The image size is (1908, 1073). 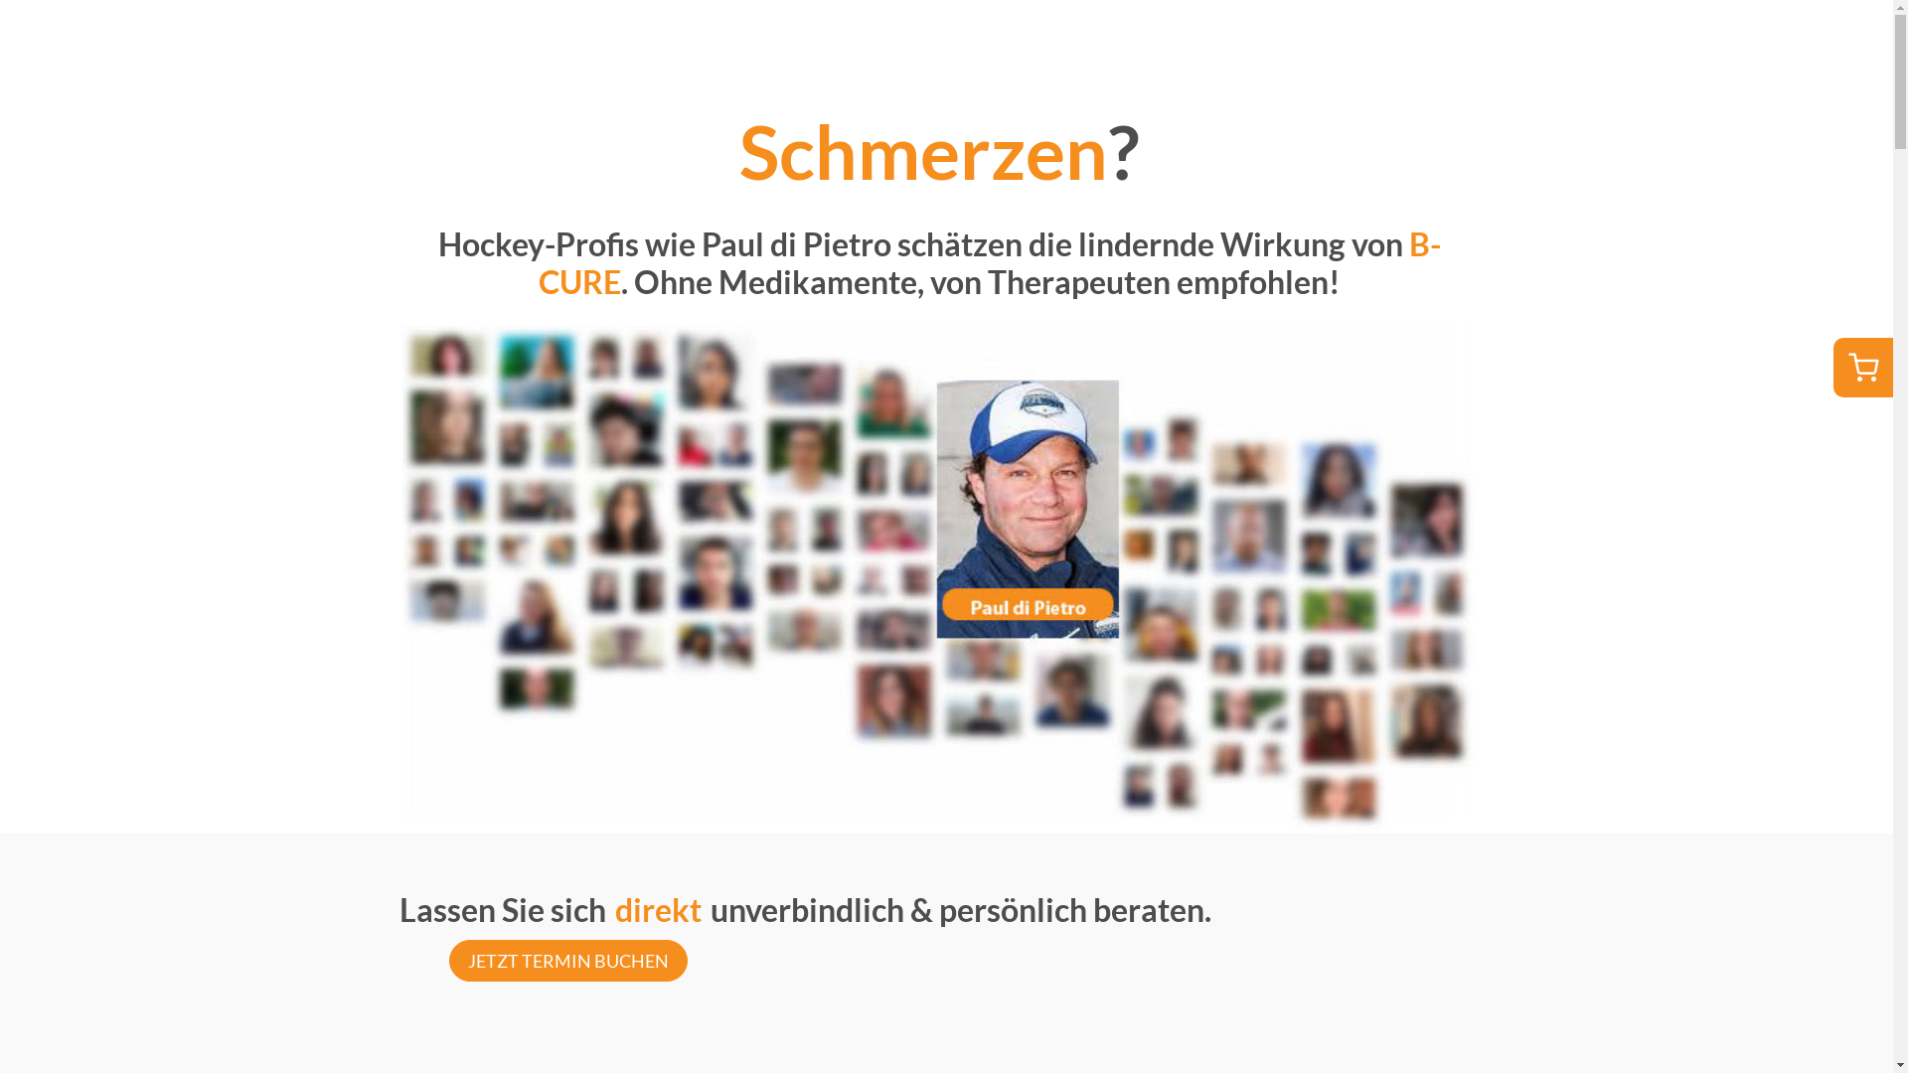 What do you see at coordinates (447, 960) in the screenshot?
I see `'JETZT TERMIN BUCHEN'` at bounding box center [447, 960].